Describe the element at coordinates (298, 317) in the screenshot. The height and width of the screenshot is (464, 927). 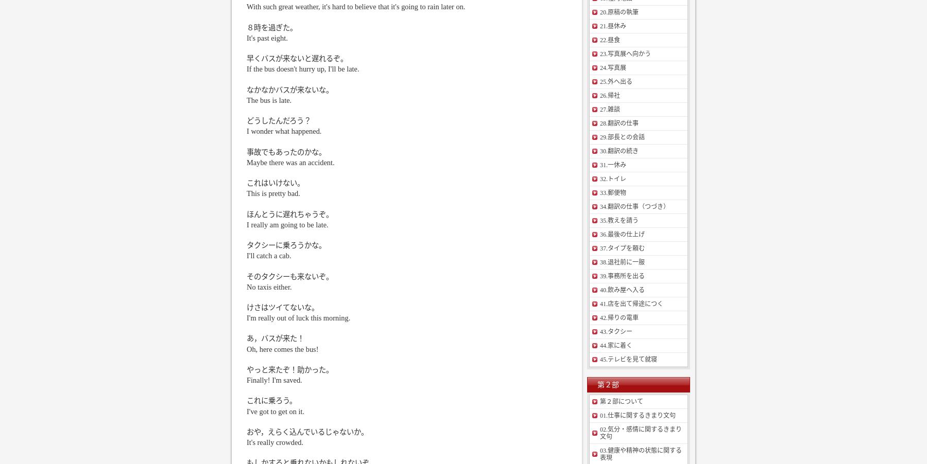
I see `'I'm really out of luck this morning.'` at that location.